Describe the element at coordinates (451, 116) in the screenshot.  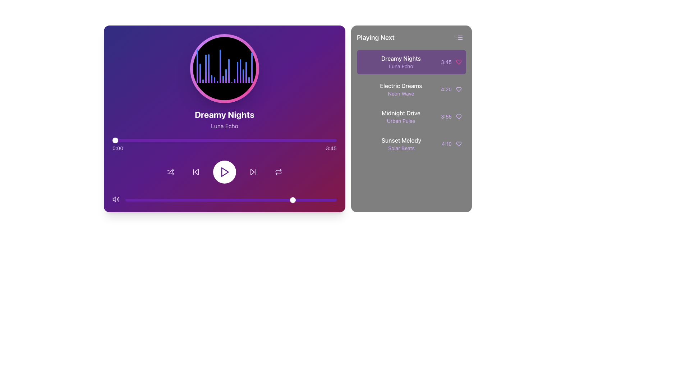
I see `the heart icon in the Duration display for the 'Midnight Drive' item to mark it as favorite` at that location.